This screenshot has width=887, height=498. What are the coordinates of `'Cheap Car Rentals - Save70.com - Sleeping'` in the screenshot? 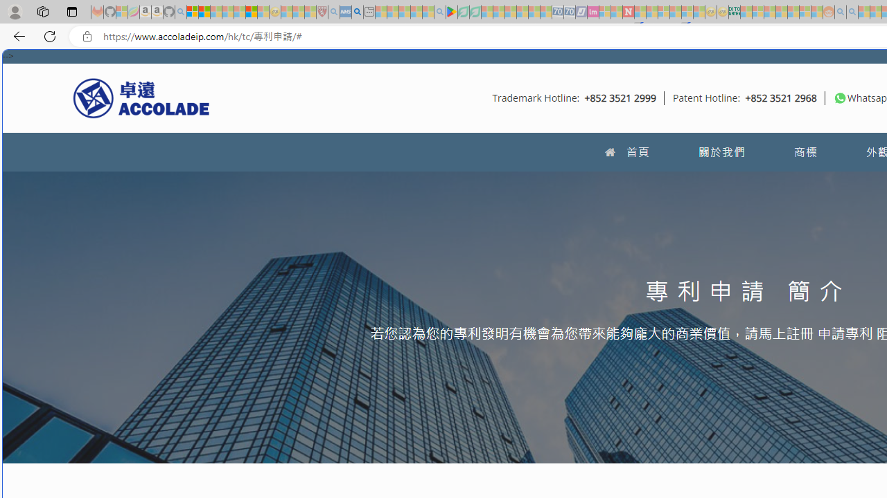 It's located at (558, 12).